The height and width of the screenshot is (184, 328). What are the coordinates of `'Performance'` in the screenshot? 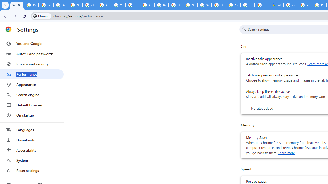 It's located at (32, 74).